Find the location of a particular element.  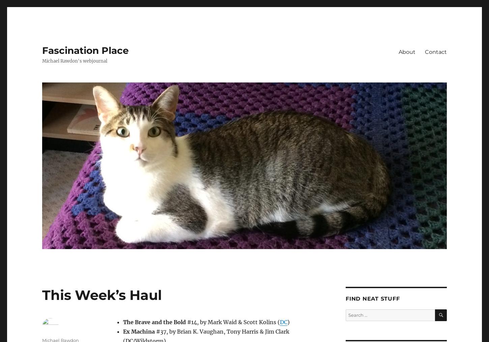

'This Week’s Haul' is located at coordinates (102, 295).